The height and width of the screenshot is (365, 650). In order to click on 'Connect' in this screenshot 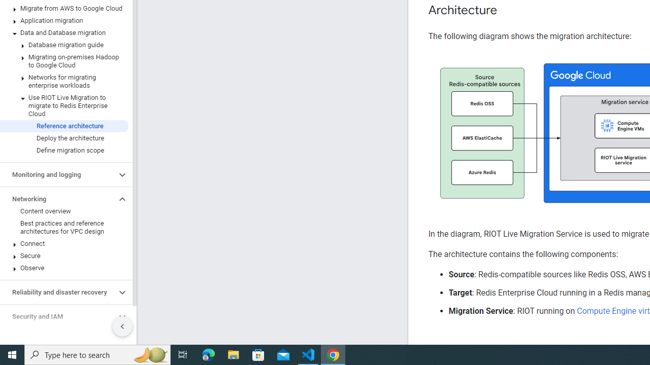, I will do `click(63, 243)`.